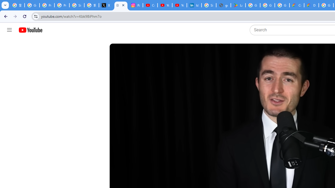  I want to click on 'Guide', so click(9, 30).